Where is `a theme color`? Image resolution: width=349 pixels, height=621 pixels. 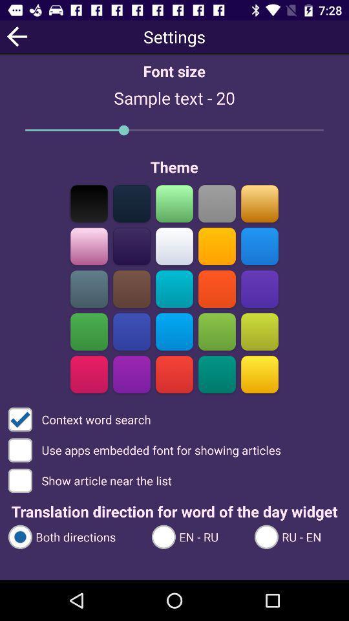
a theme color is located at coordinates (217, 374).